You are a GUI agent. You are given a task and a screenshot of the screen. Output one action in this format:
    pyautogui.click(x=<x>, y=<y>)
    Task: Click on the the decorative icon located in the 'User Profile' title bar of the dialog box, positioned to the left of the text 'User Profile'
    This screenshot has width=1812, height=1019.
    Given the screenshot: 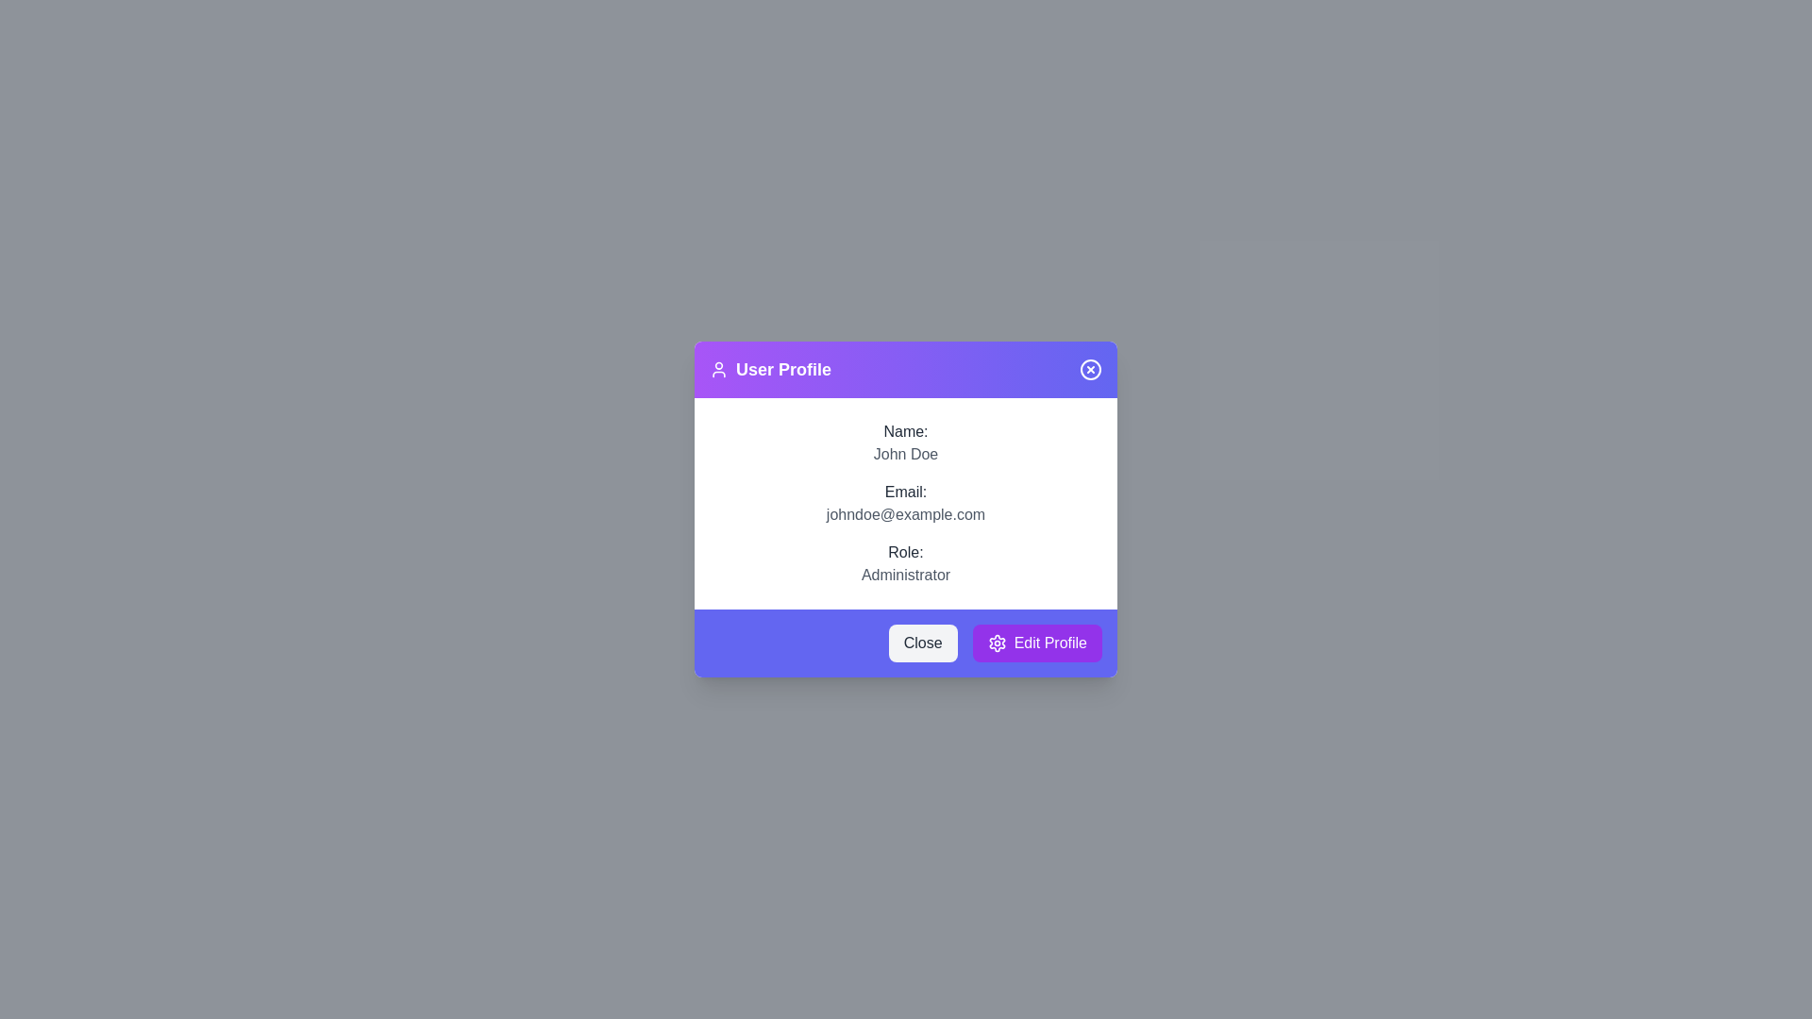 What is the action you would take?
    pyautogui.click(x=718, y=370)
    